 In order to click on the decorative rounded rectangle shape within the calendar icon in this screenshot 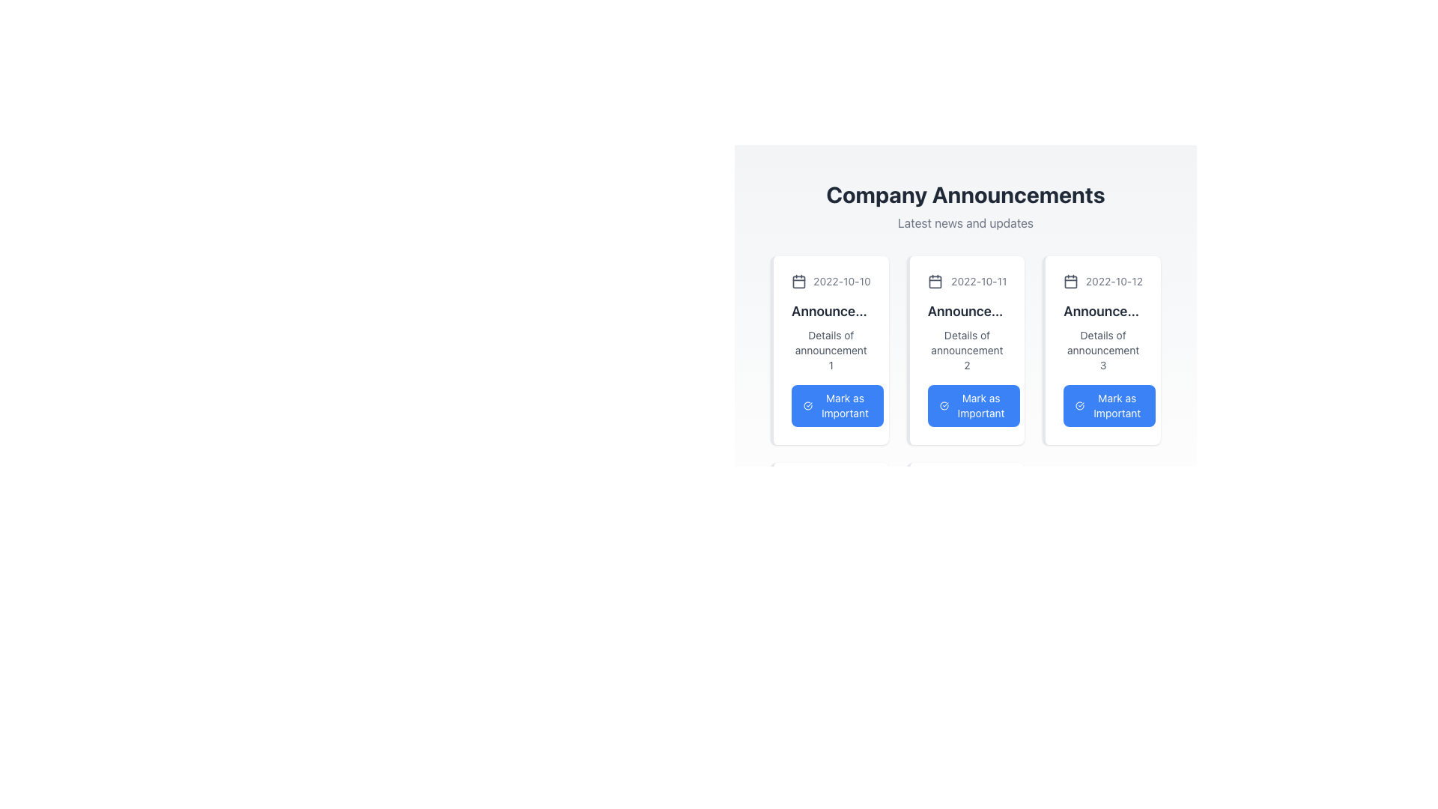, I will do `click(798, 281)`.